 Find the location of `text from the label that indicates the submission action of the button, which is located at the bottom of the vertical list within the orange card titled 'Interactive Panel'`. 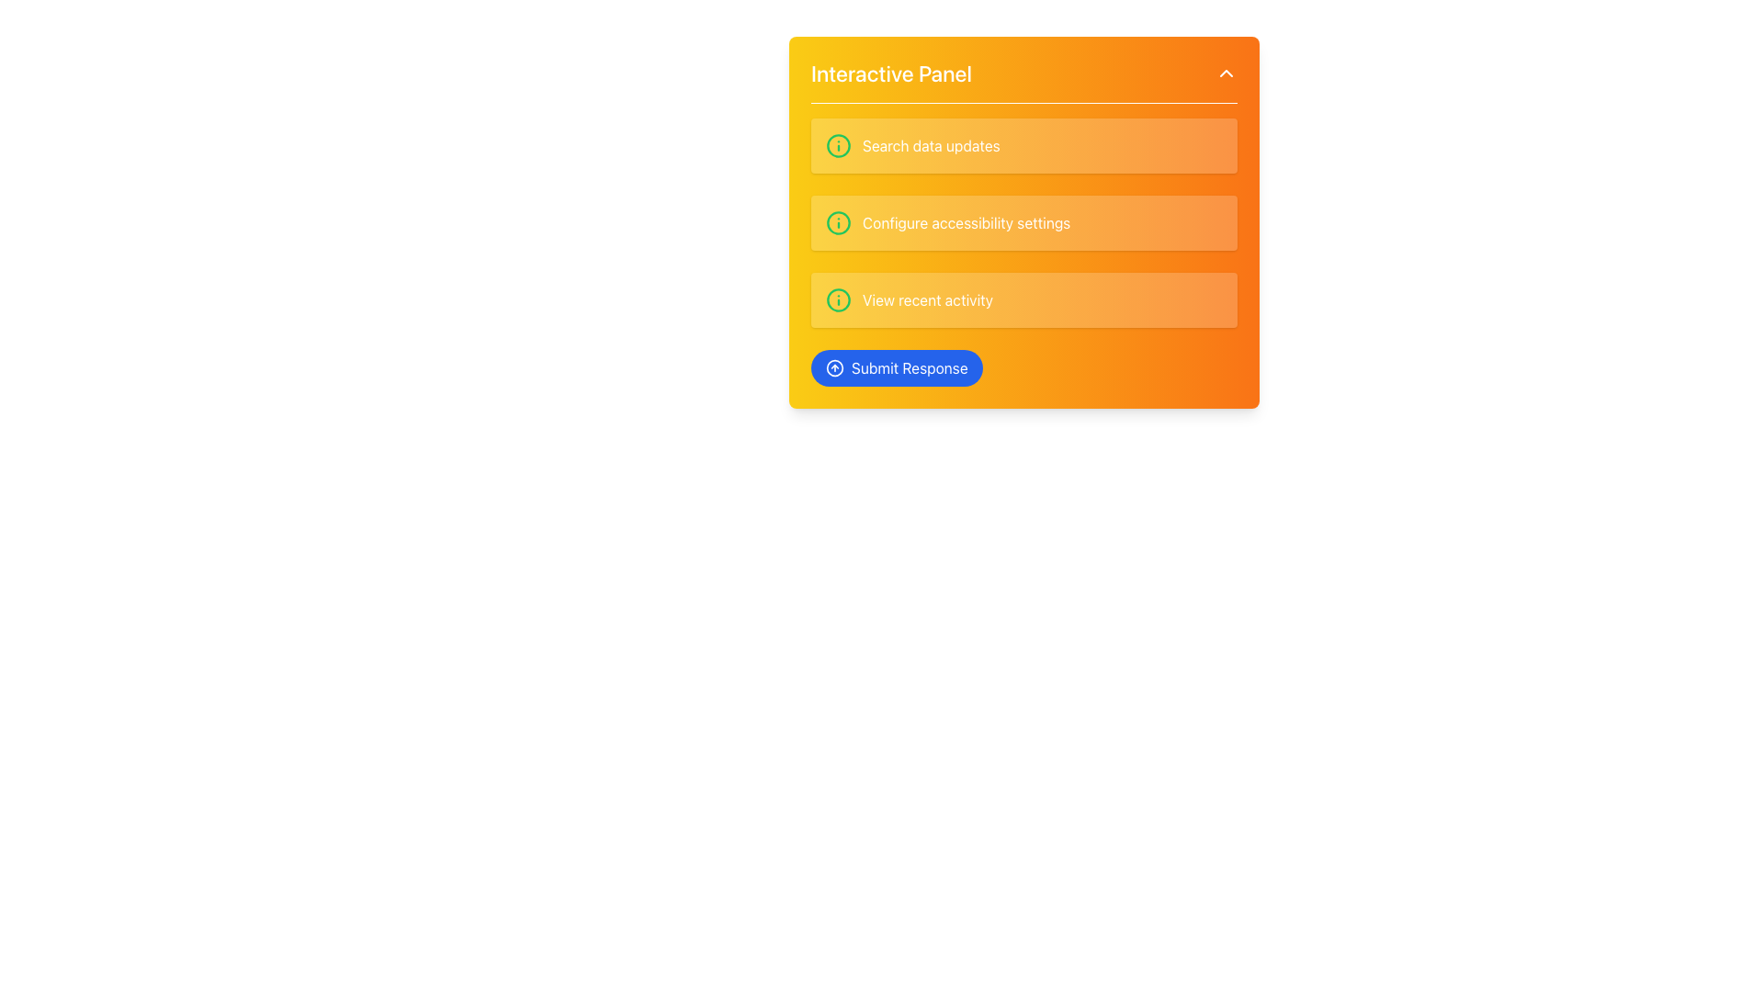

text from the label that indicates the submission action of the button, which is located at the bottom of the vertical list within the orange card titled 'Interactive Panel' is located at coordinates (910, 368).